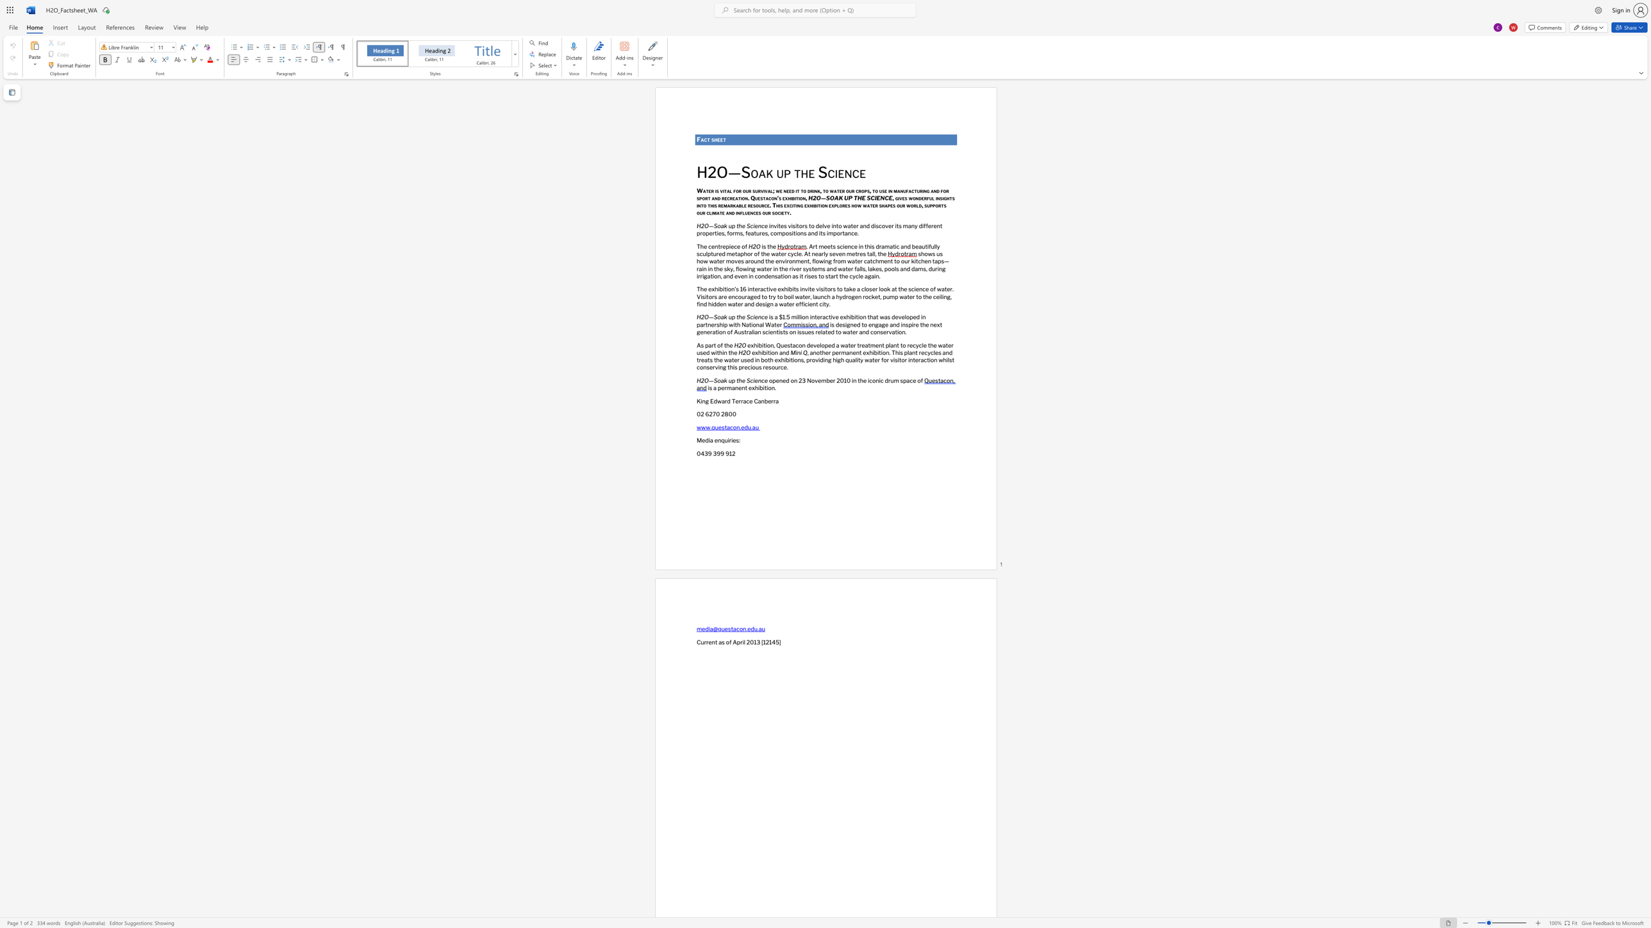 The width and height of the screenshot is (1651, 928). I want to click on the subset text "ane" within the text "is a permanent exhibition.", so click(731, 387).